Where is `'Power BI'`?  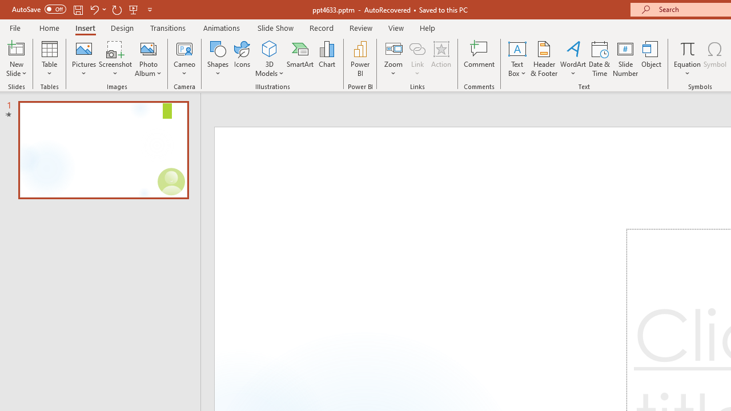
'Power BI' is located at coordinates (360, 59).